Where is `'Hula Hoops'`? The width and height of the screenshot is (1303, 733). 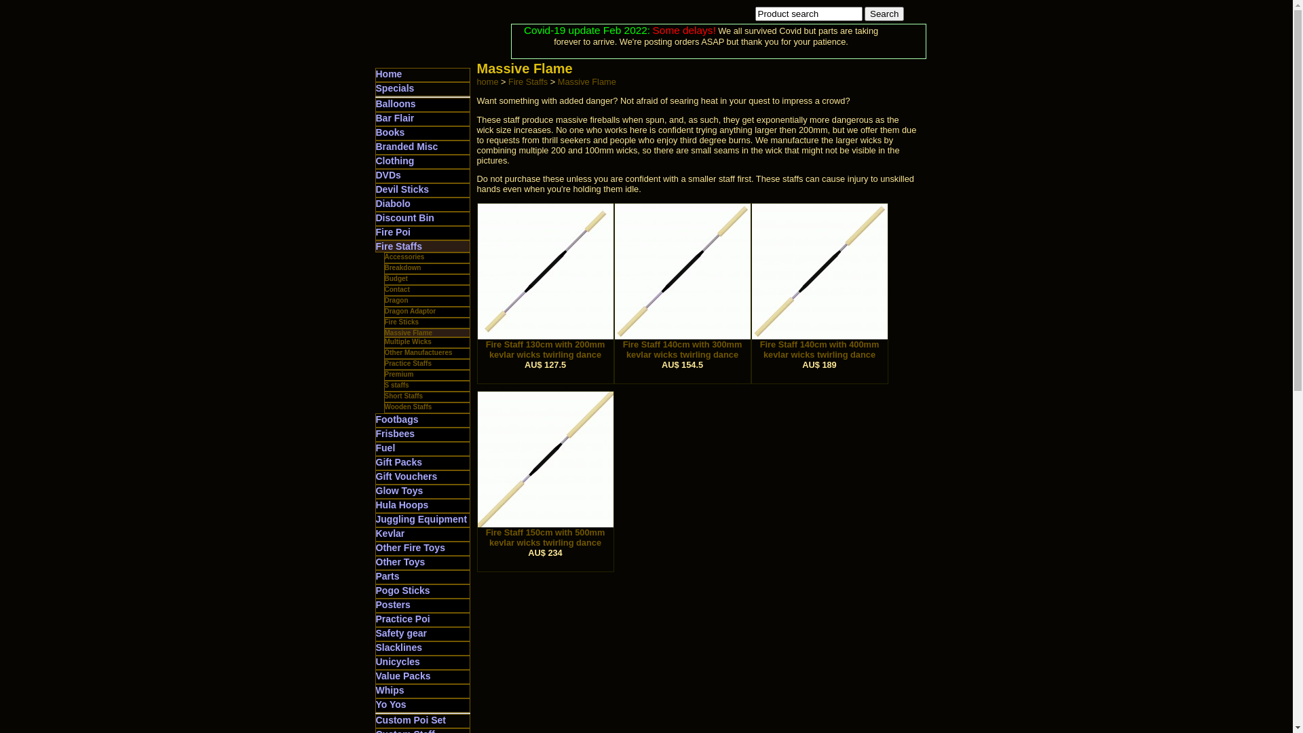
'Hula Hoops' is located at coordinates (402, 505).